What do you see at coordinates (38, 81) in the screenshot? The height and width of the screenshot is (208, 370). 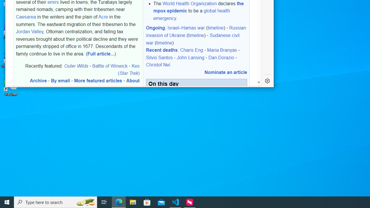 I see `'Archive'` at bounding box center [38, 81].